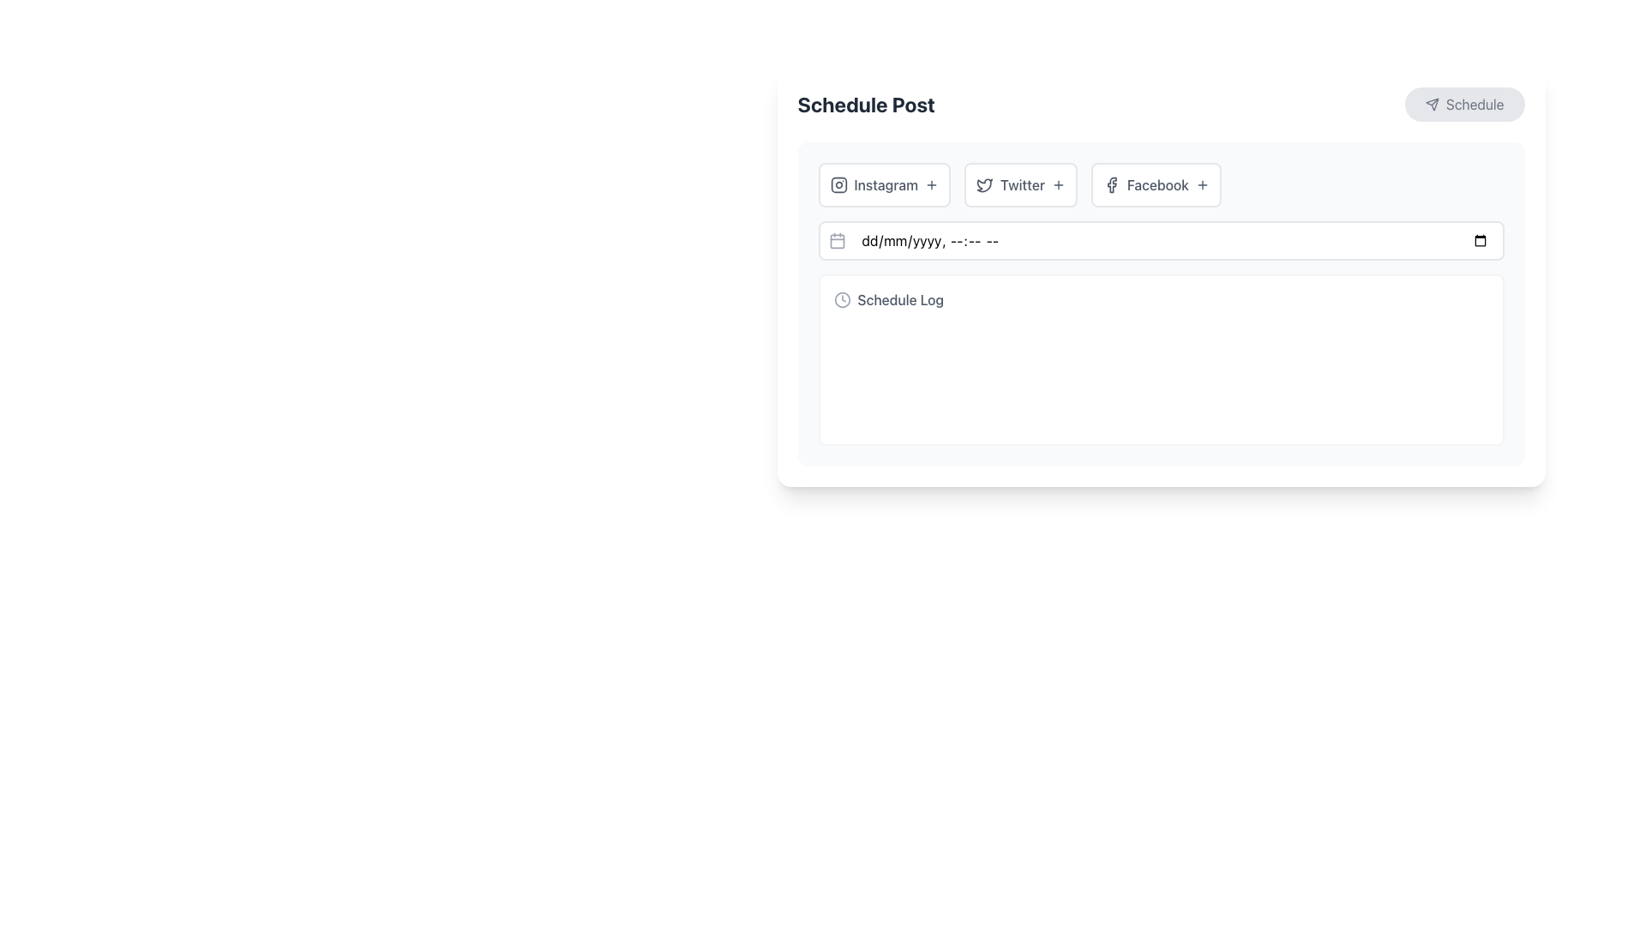  I want to click on the Facebook icon located, so click(1111, 185).